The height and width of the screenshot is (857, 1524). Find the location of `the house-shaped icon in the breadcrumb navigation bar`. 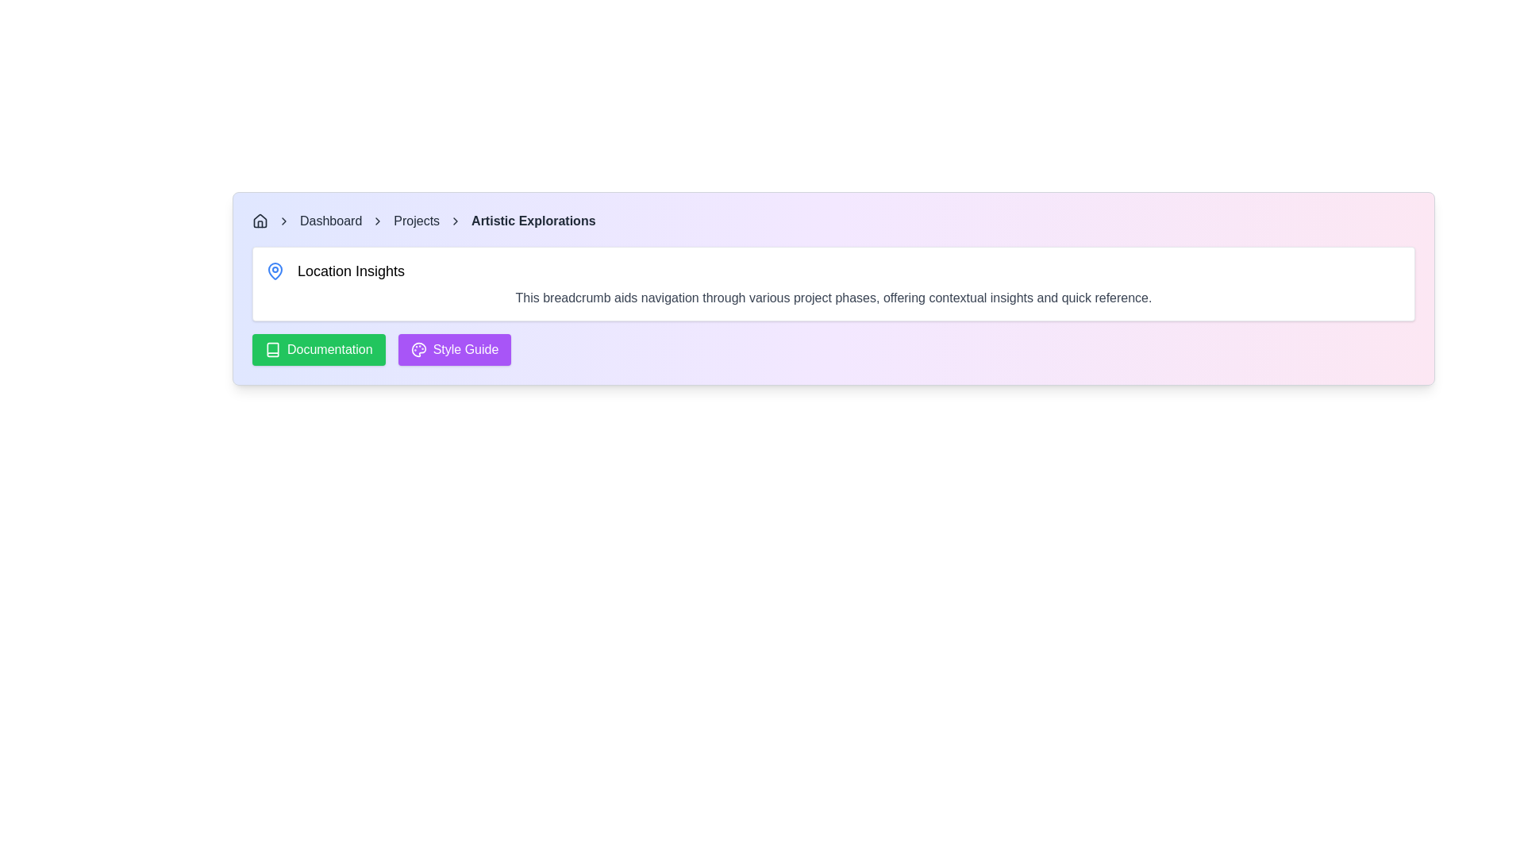

the house-shaped icon in the breadcrumb navigation bar is located at coordinates (260, 220).